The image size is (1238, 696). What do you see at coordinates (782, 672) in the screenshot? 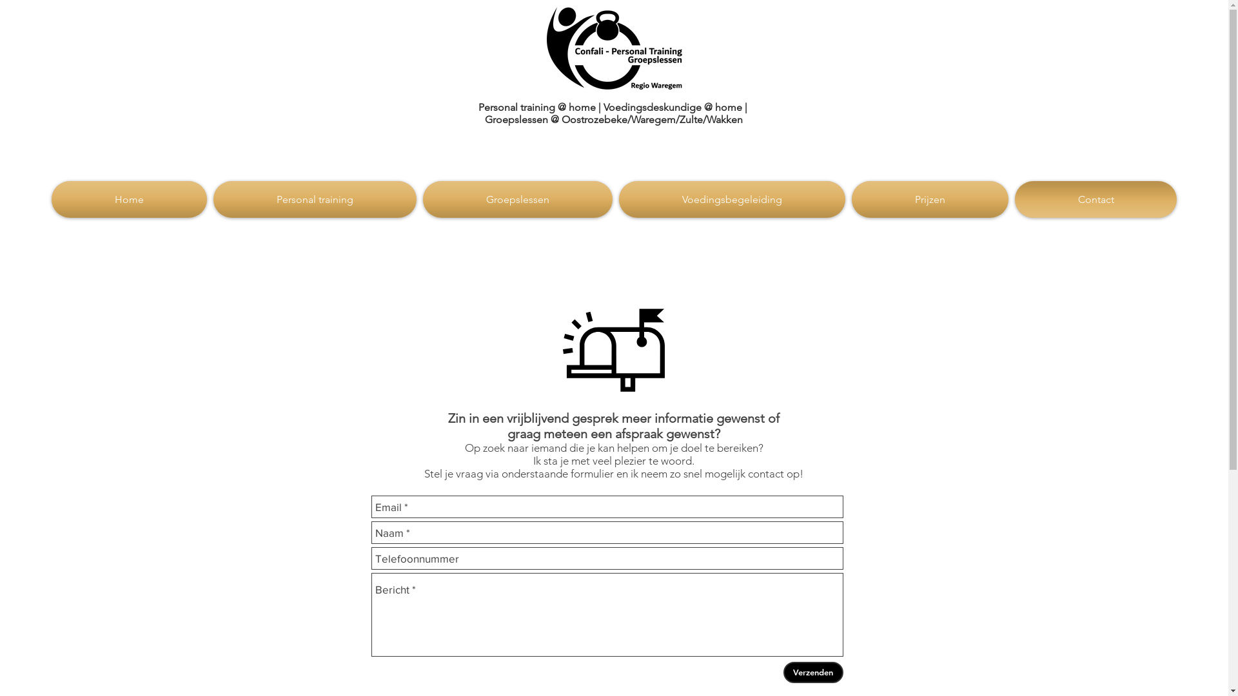
I see `'Verzenden'` at bounding box center [782, 672].